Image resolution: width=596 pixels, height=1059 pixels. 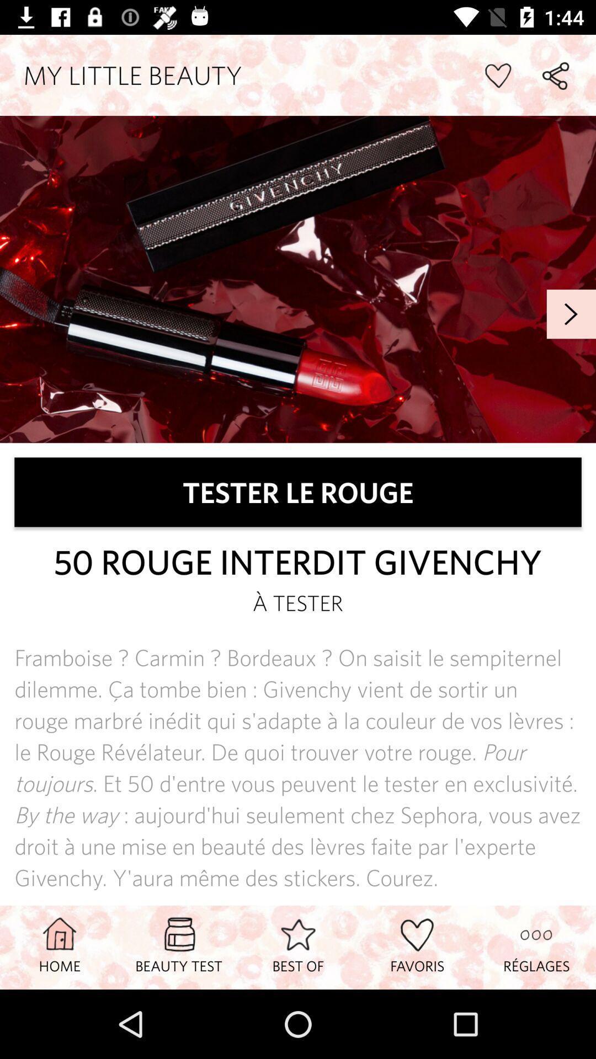 What do you see at coordinates (298, 279) in the screenshot?
I see `showing picture` at bounding box center [298, 279].